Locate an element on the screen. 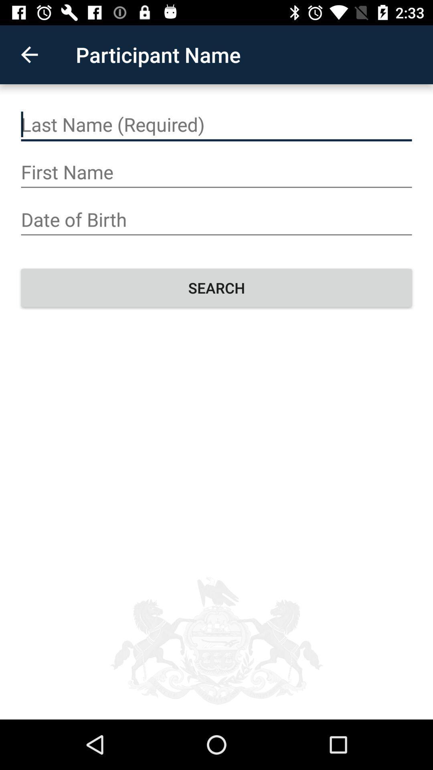  the icon next to participant name icon is located at coordinates (29, 54).